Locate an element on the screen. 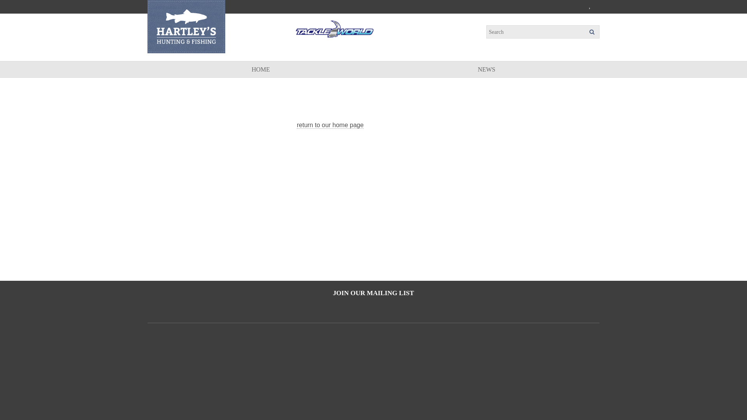 The width and height of the screenshot is (747, 420). 'return to our home page' is located at coordinates (330, 124).